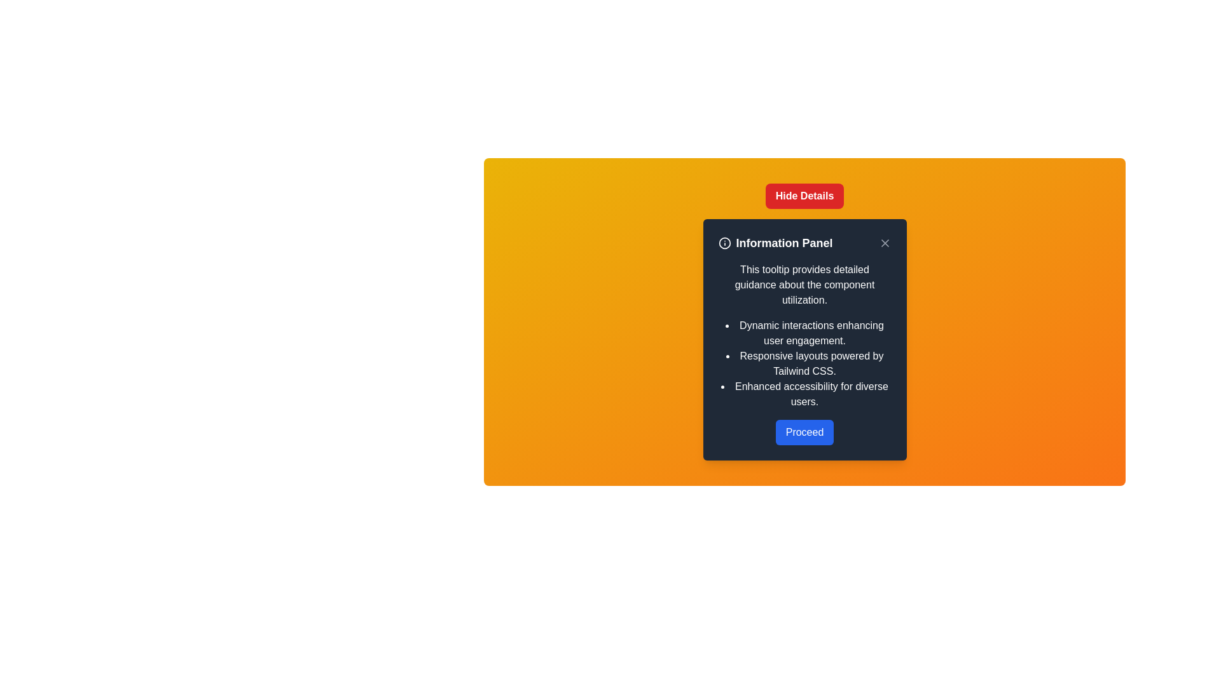 The height and width of the screenshot is (686, 1221). I want to click on the third item in the vertical bullet list that provides information about enhanced accessibility features, located between 'Responsive layouts powered by Tailwind CSS.' and the 'Proceed' button, so click(804, 394).